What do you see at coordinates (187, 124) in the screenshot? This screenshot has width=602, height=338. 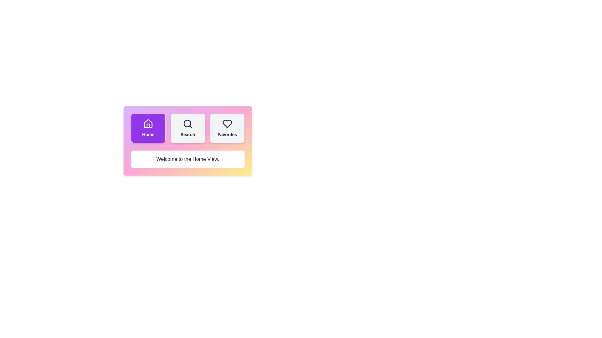 I see `the magnifying glass icon on the 'Search' button` at bounding box center [187, 124].